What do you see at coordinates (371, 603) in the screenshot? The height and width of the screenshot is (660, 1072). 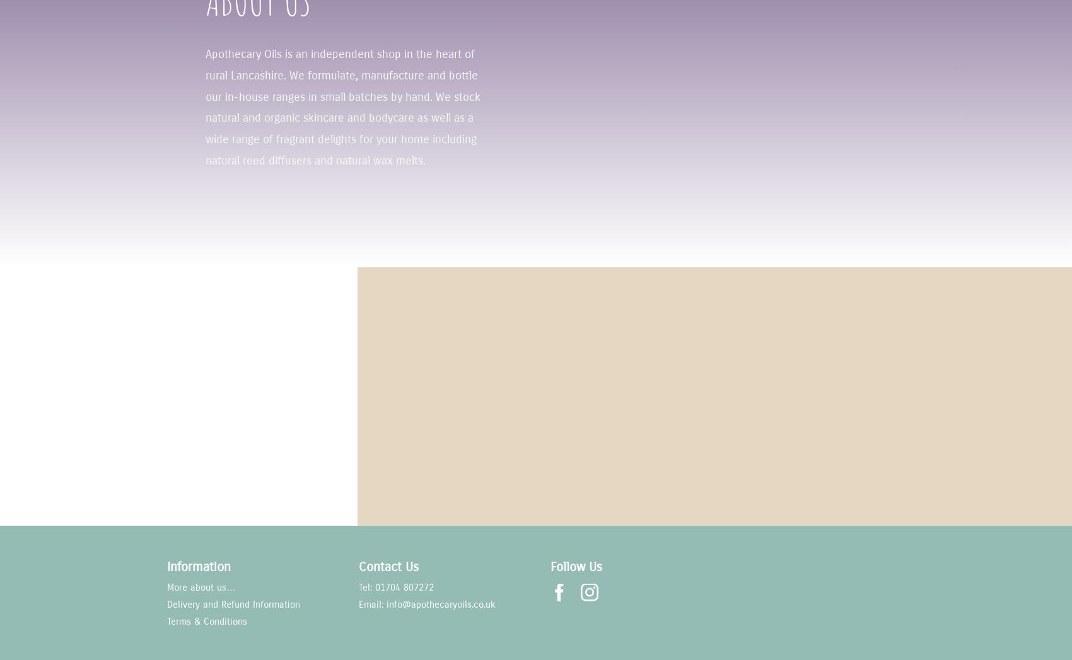 I see `'Email:'` at bounding box center [371, 603].